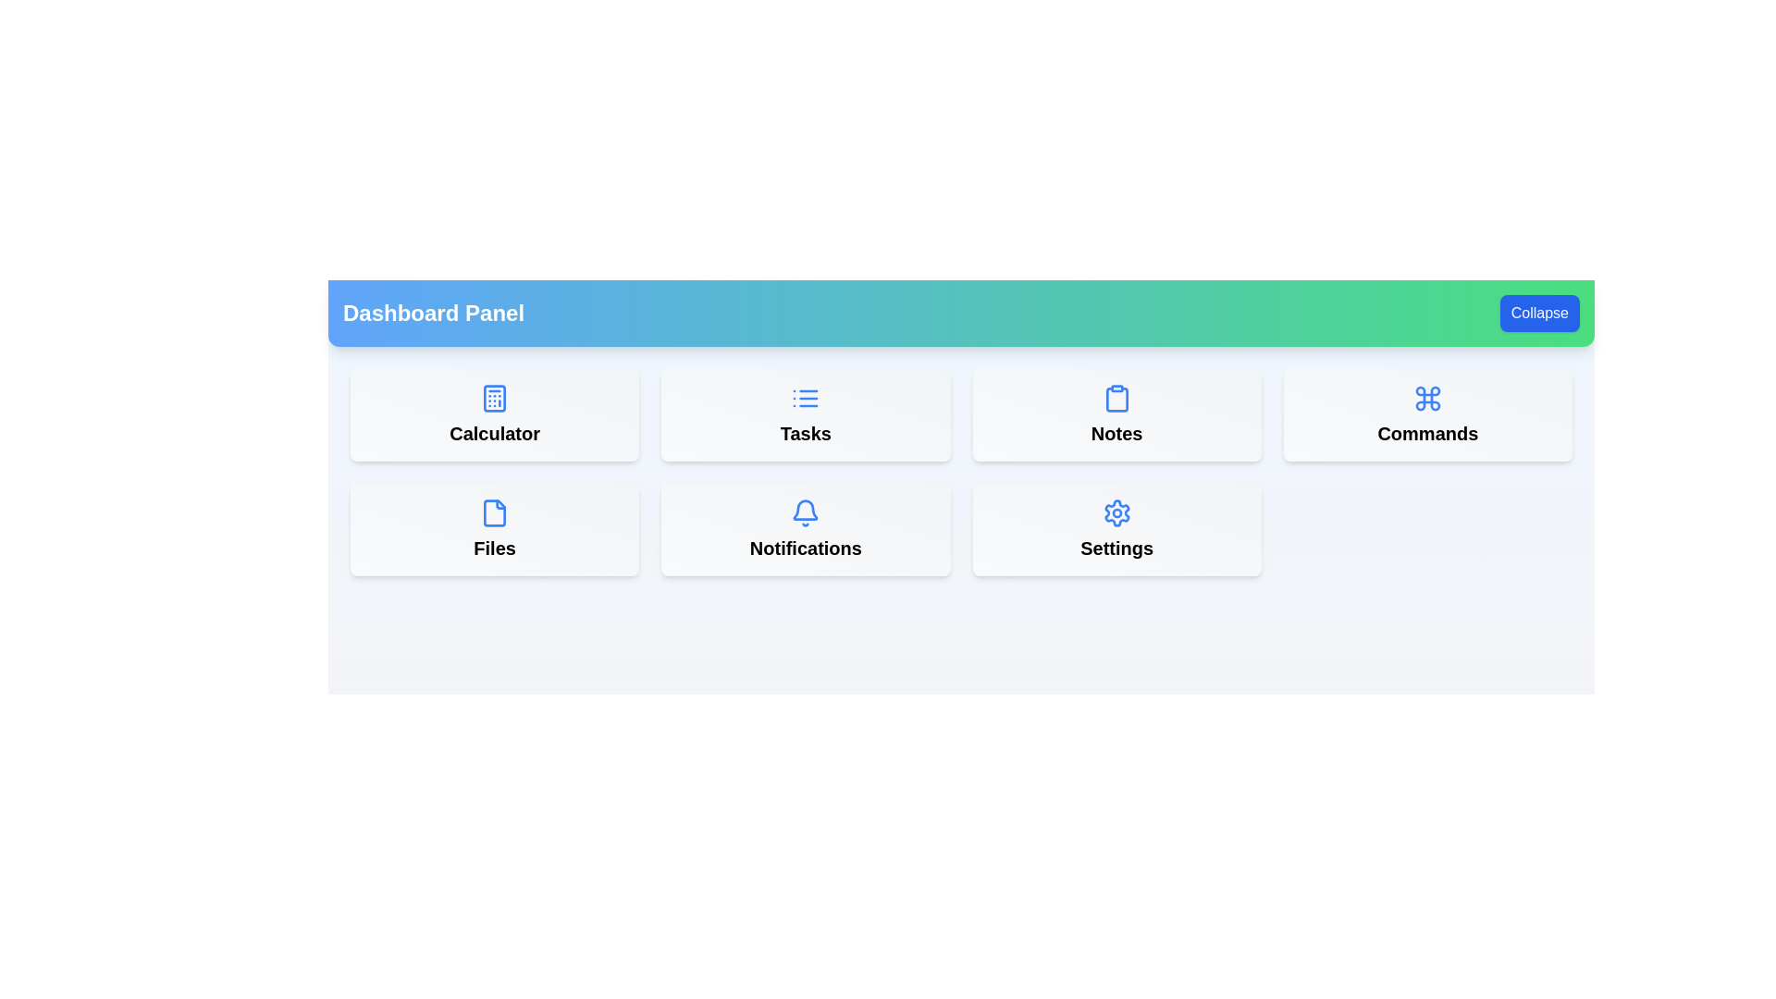  I want to click on the menu item labeled Notifications, so click(806, 530).